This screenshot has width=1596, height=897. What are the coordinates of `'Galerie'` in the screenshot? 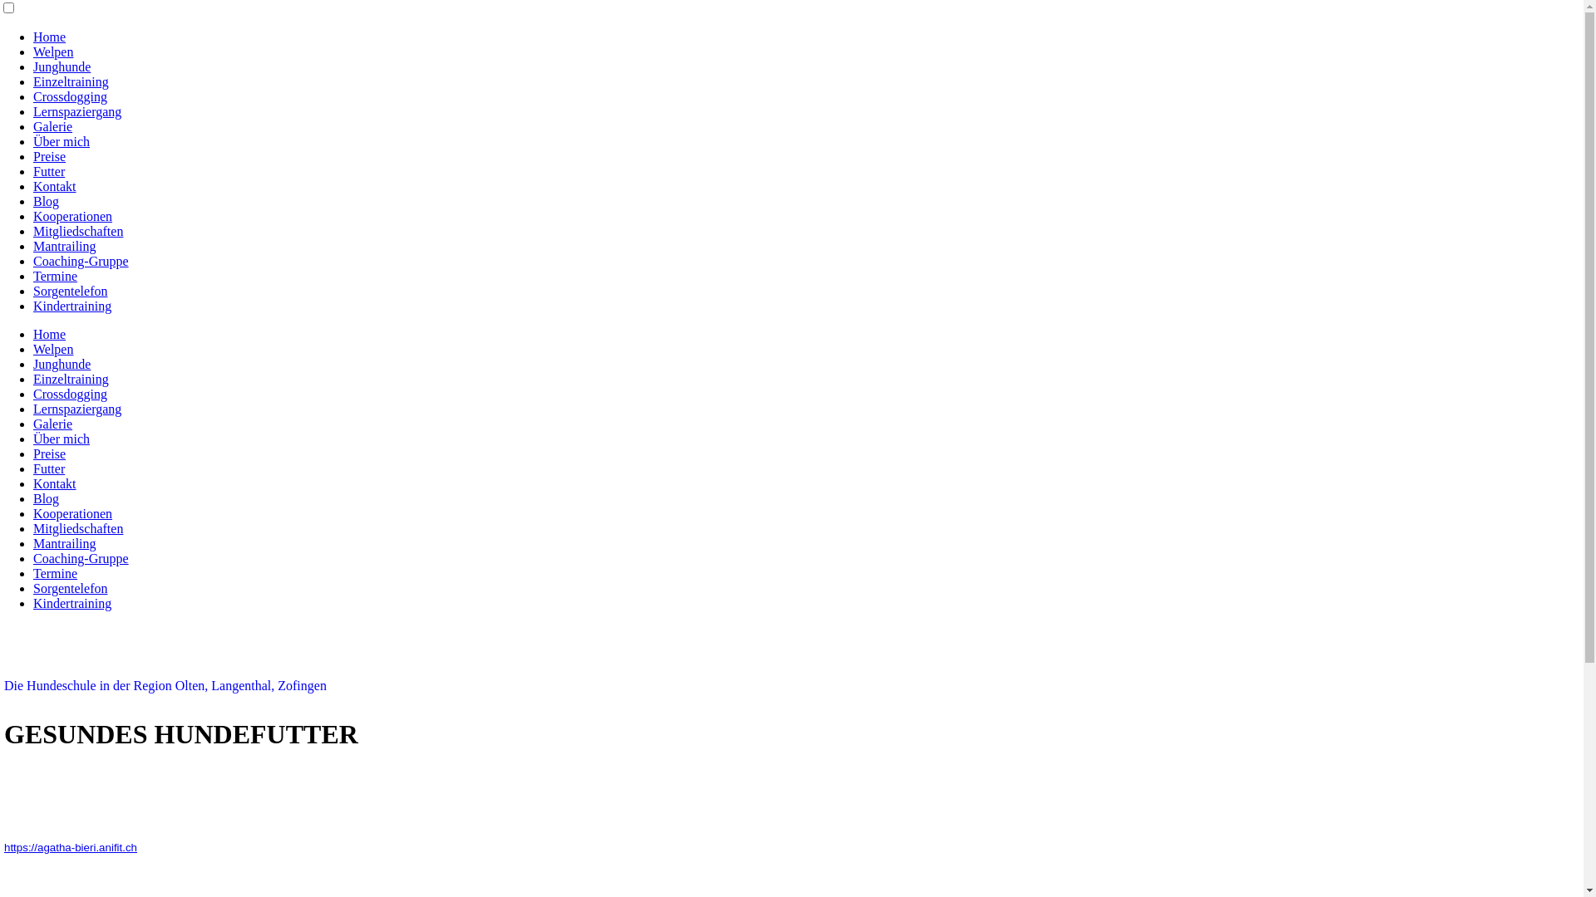 It's located at (52, 423).